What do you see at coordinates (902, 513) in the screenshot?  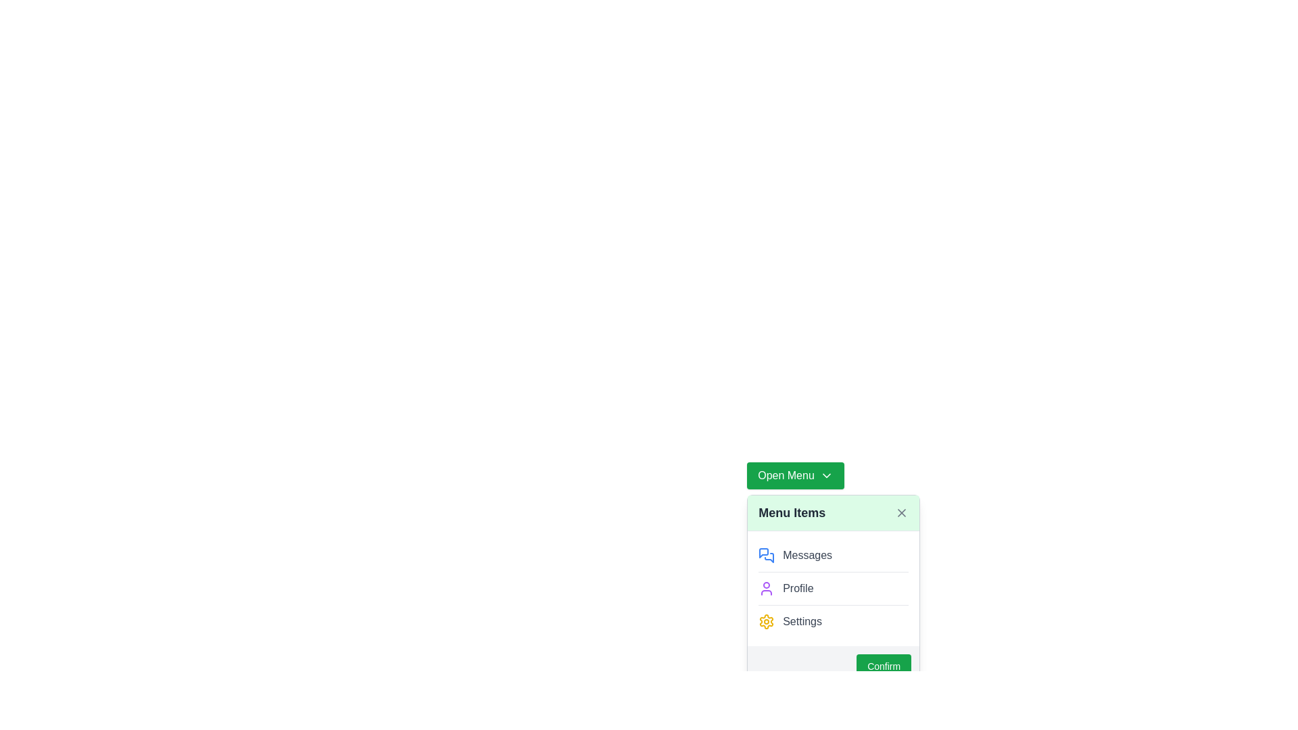 I see `the close icon in the top right corner of the 'Menu Items' dropdown` at bounding box center [902, 513].